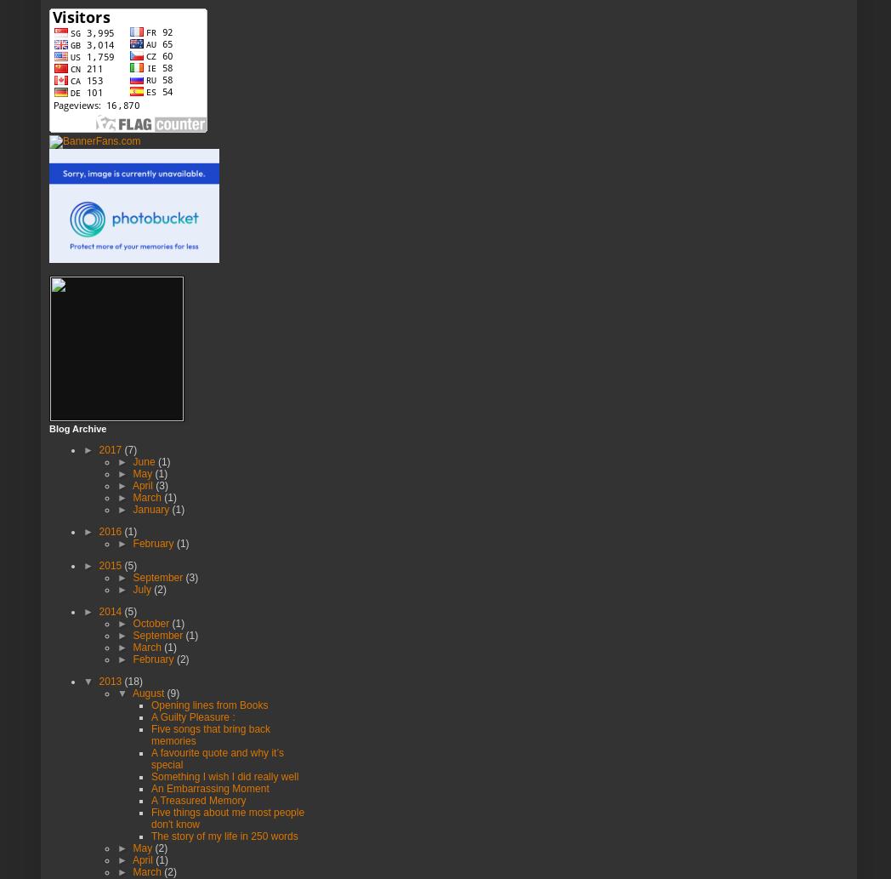 The width and height of the screenshot is (891, 879). What do you see at coordinates (148, 693) in the screenshot?
I see `'August'` at bounding box center [148, 693].